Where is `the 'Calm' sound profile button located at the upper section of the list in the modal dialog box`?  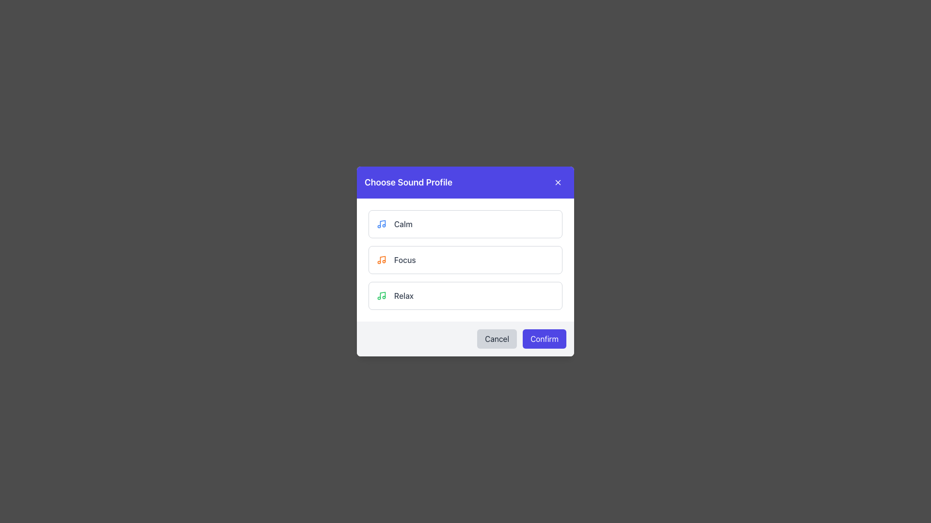
the 'Calm' sound profile button located at the upper section of the list in the modal dialog box is located at coordinates (465, 224).